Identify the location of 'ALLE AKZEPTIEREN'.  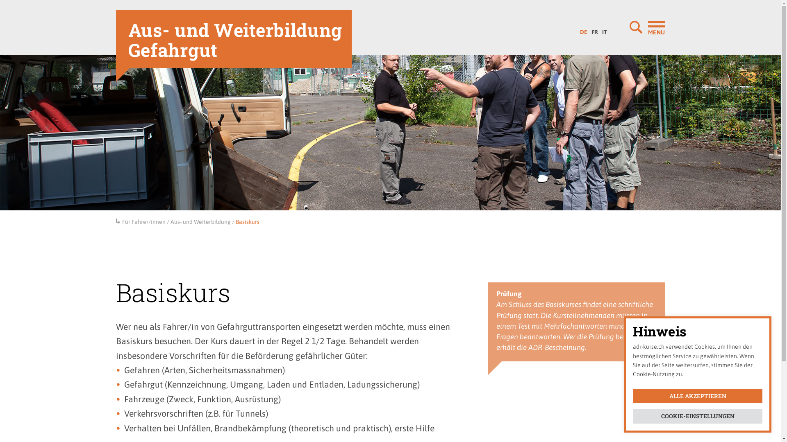
(697, 396).